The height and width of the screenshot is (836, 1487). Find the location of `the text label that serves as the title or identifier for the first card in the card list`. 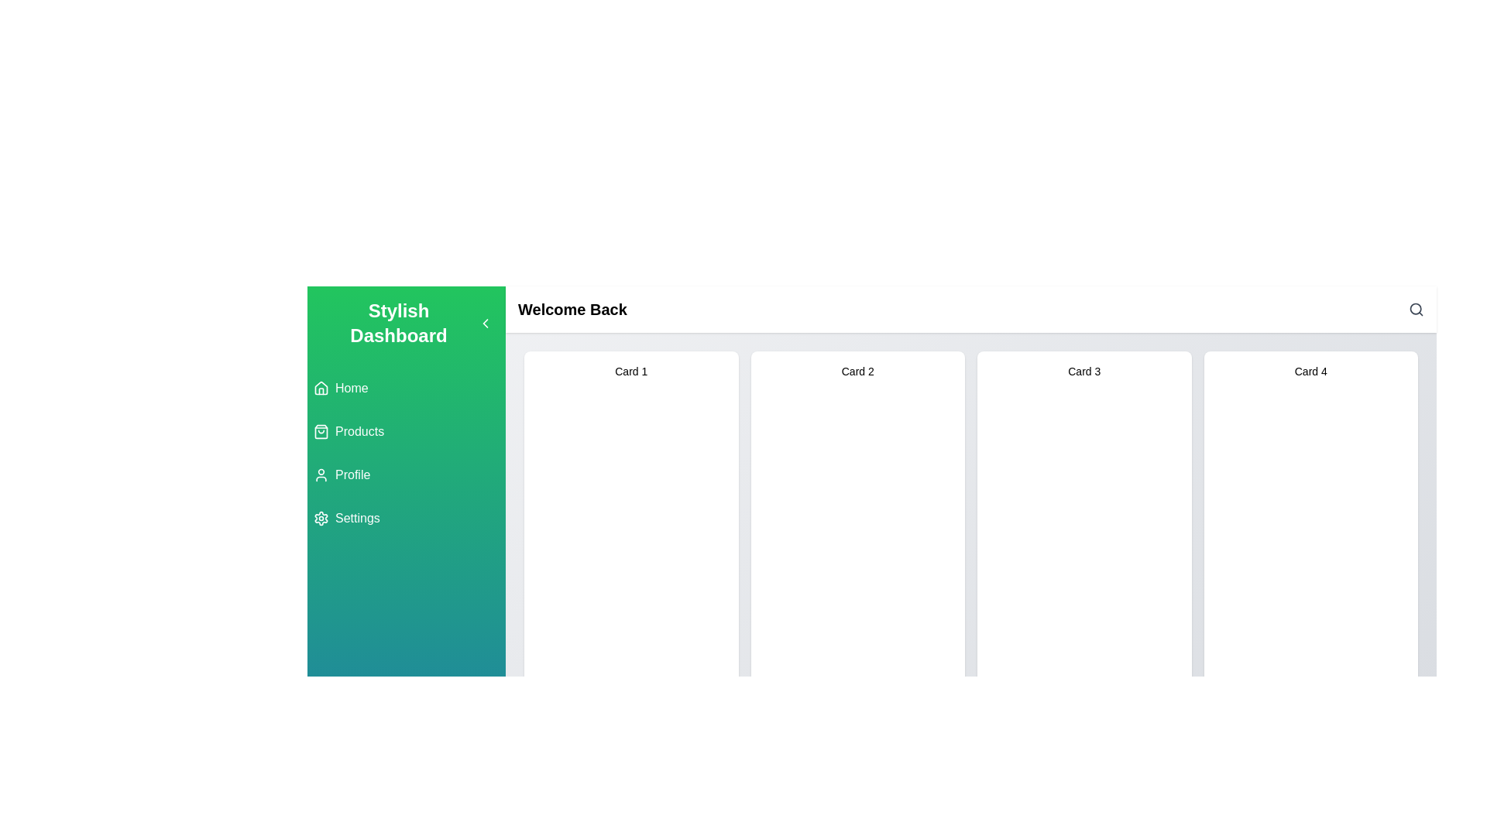

the text label that serves as the title or identifier for the first card in the card list is located at coordinates (631, 371).